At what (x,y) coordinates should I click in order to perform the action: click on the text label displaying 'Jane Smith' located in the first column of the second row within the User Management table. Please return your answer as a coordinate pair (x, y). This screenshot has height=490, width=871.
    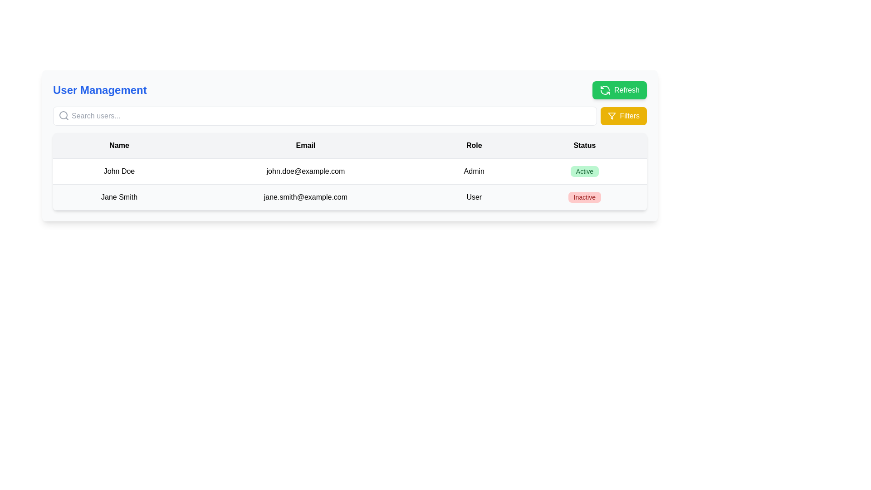
    Looking at the image, I should click on (119, 197).